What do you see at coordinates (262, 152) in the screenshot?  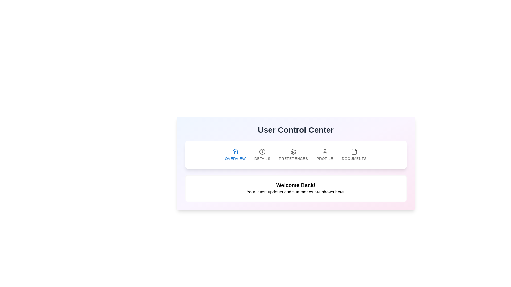 I see `the circular information icon with an 'i' symbol located in the 'Details' tab of the navigation bar, which is centered above the 'Details' label` at bounding box center [262, 152].